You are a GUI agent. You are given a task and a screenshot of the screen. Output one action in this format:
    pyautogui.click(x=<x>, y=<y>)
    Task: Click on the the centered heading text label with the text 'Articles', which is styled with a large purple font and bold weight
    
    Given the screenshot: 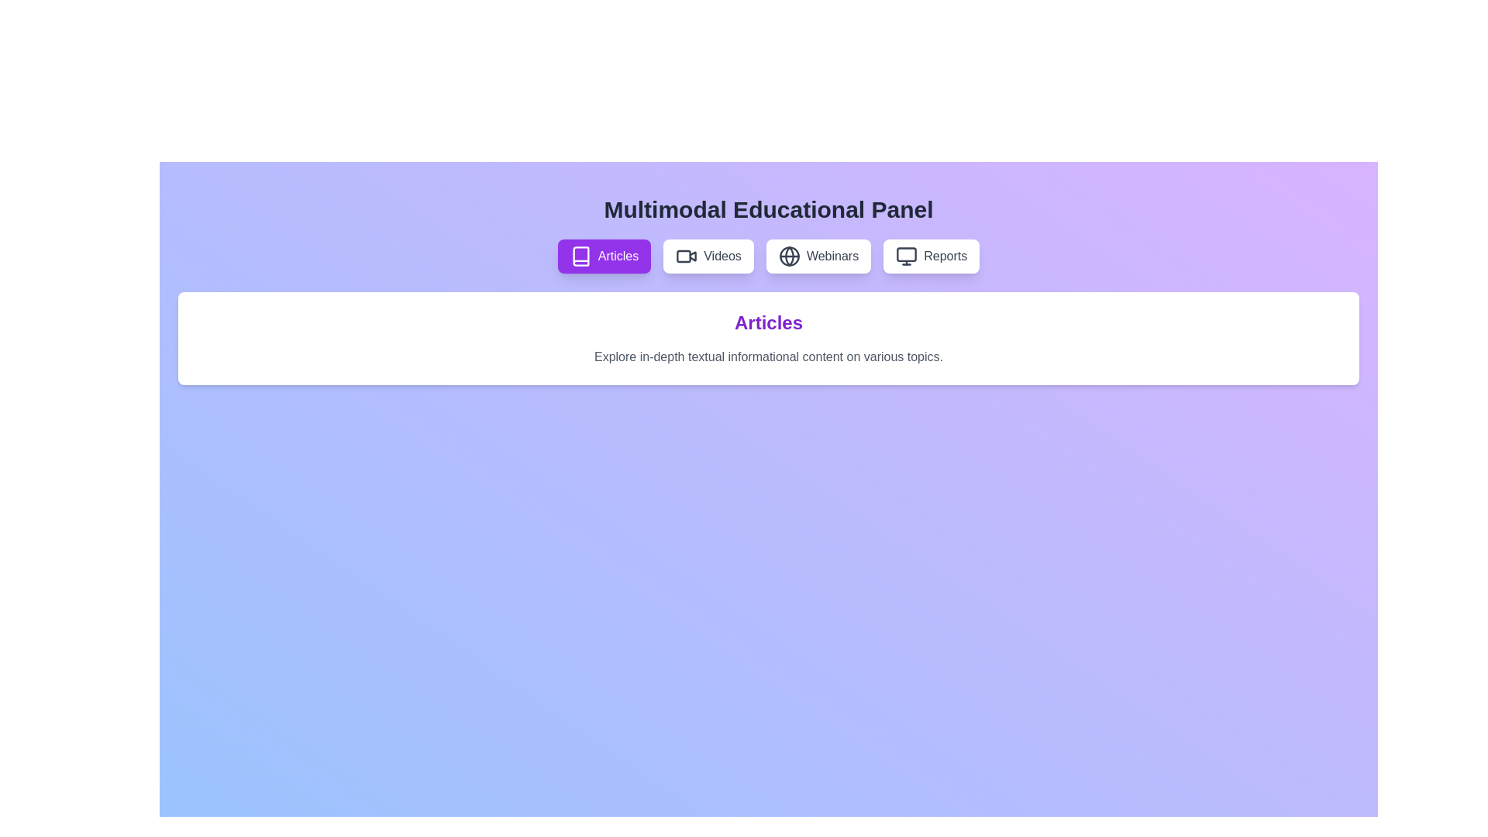 What is the action you would take?
    pyautogui.click(x=769, y=322)
    